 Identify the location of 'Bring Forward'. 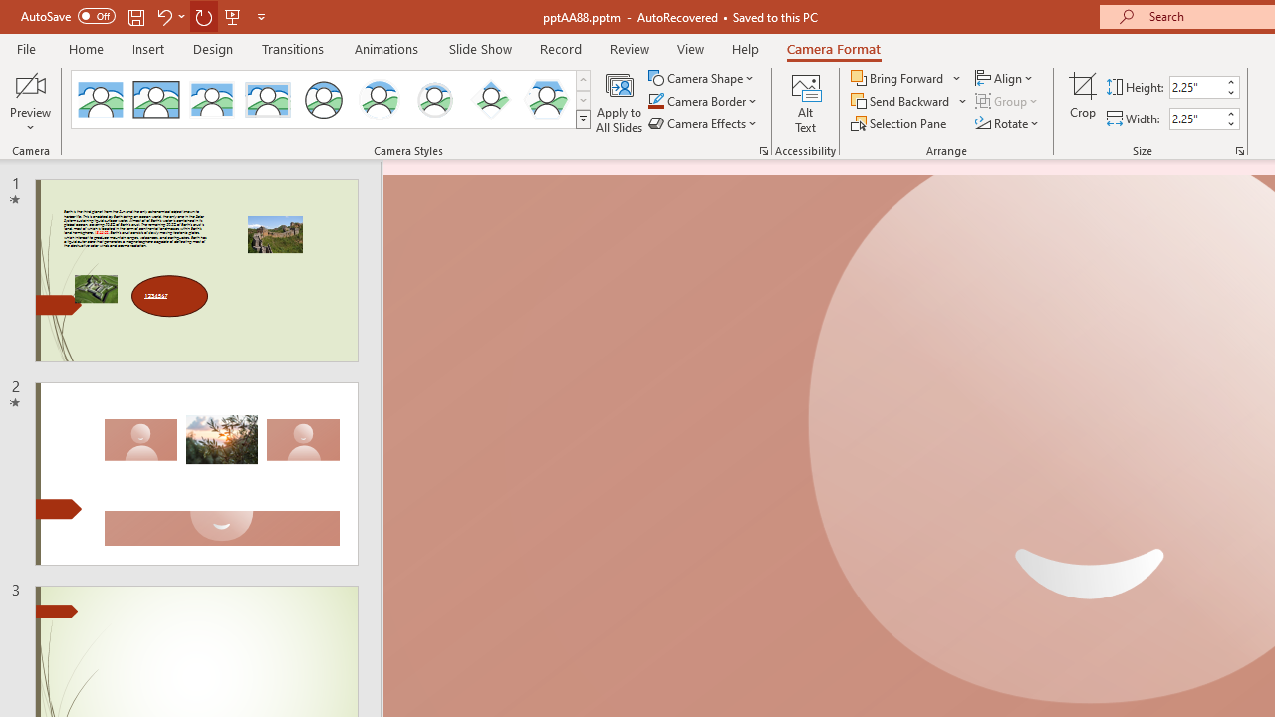
(897, 77).